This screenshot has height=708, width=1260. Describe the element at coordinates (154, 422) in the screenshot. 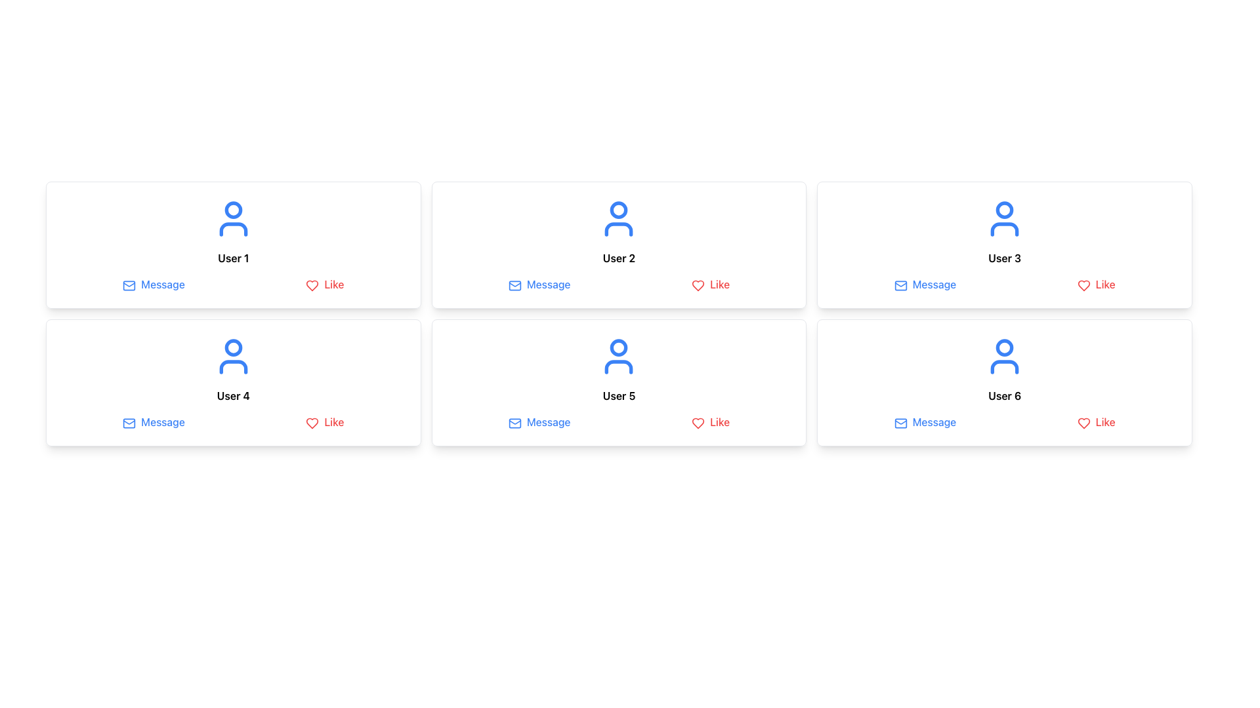

I see `the blue-colored textual link labeled 'Message' with a mail icon` at that location.